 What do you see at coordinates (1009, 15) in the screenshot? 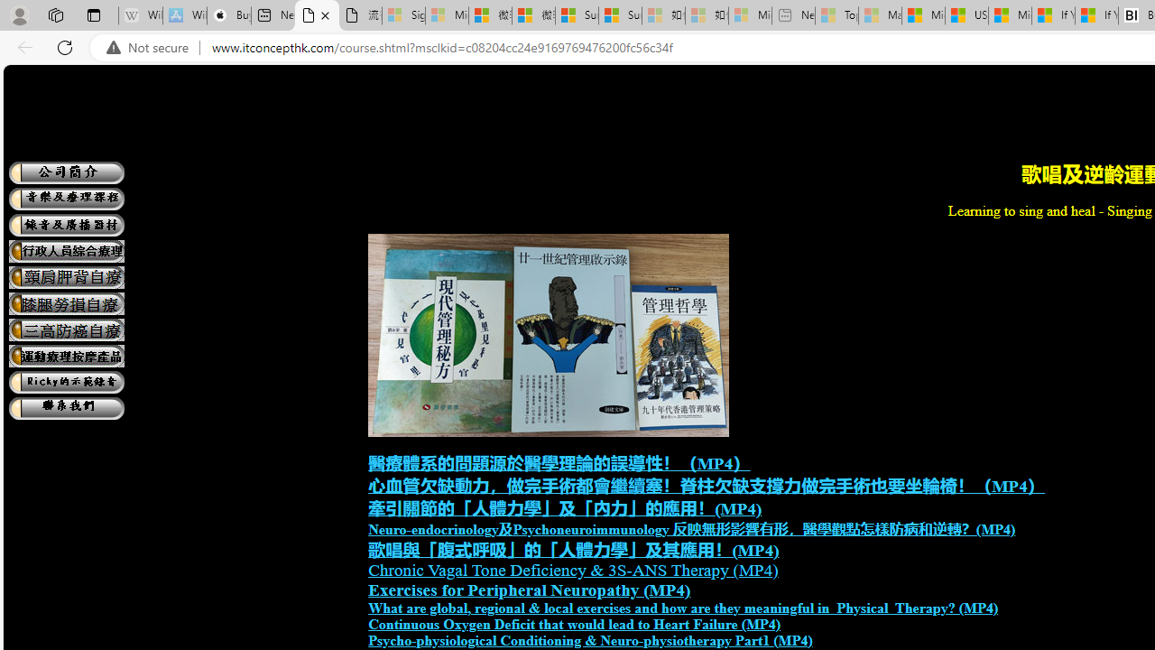
I see `'Microsoft Start'` at bounding box center [1009, 15].